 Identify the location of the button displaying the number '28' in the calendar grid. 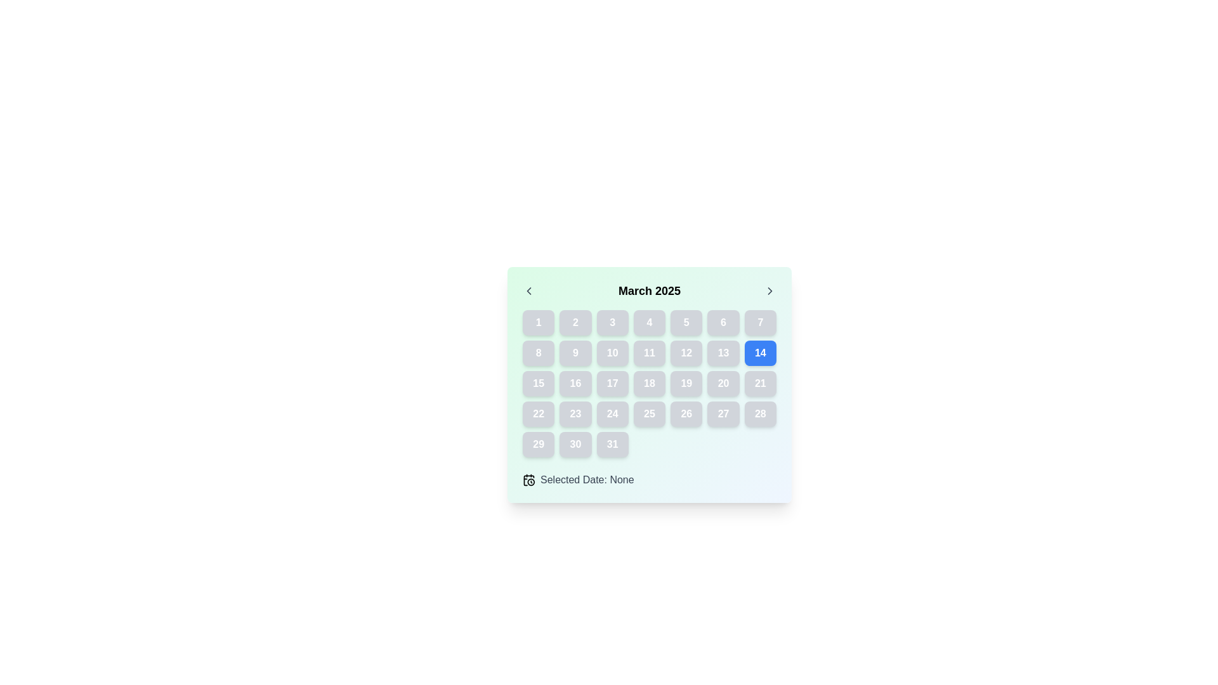
(760, 414).